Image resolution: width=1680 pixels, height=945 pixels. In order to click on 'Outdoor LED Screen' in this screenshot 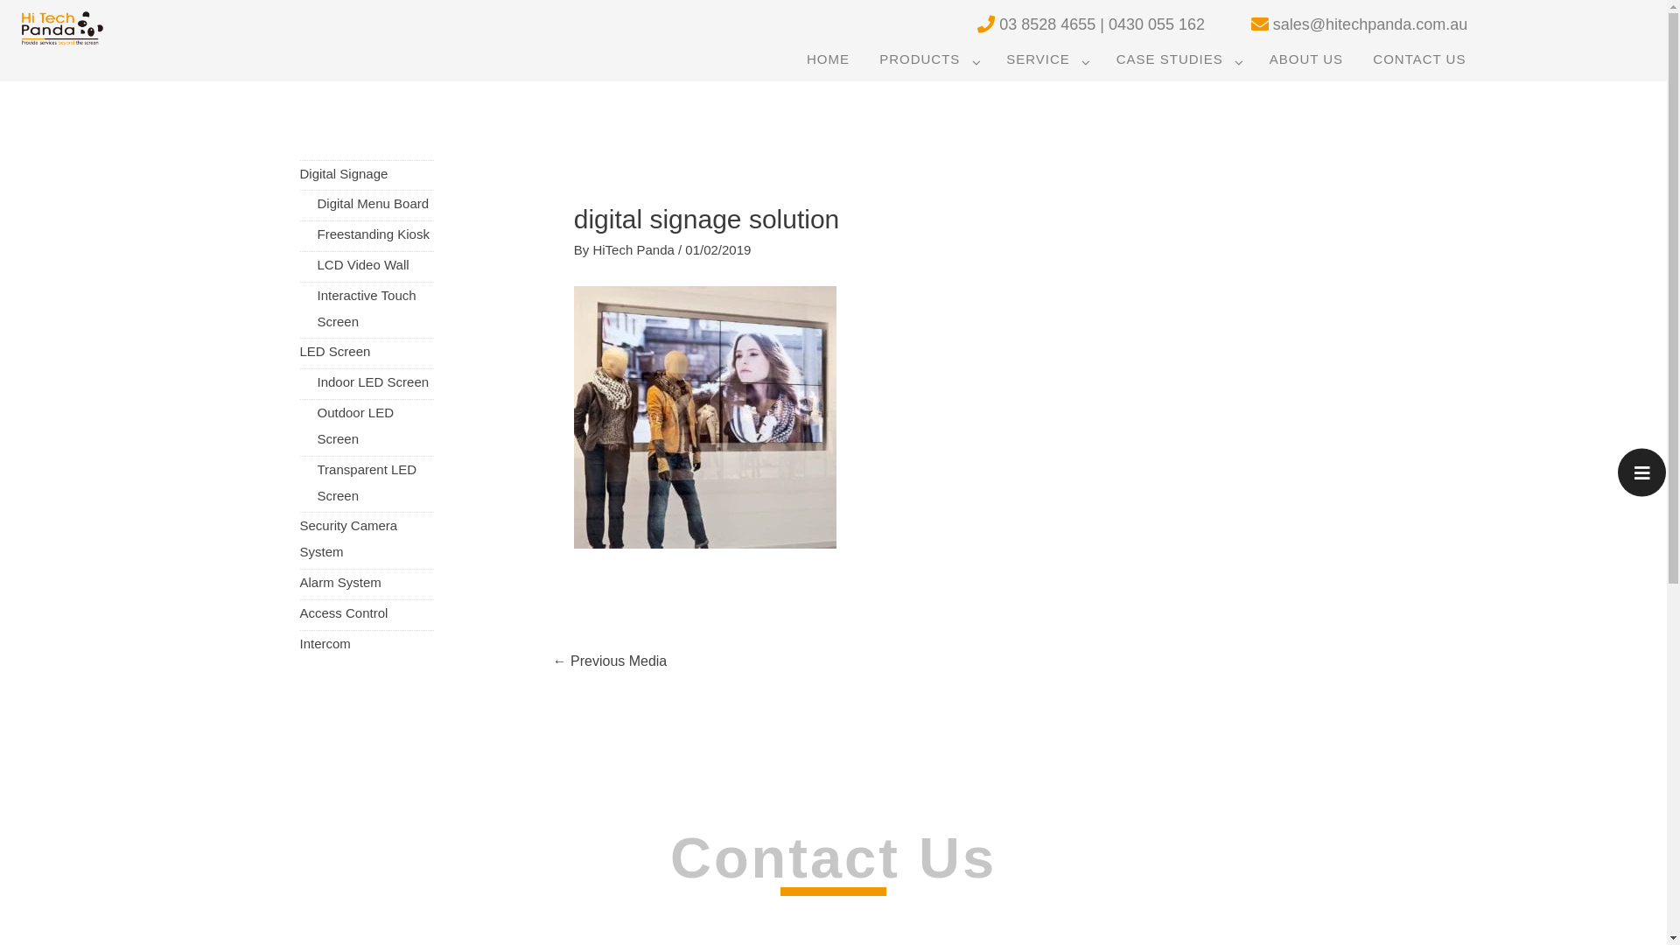, I will do `click(354, 425)`.